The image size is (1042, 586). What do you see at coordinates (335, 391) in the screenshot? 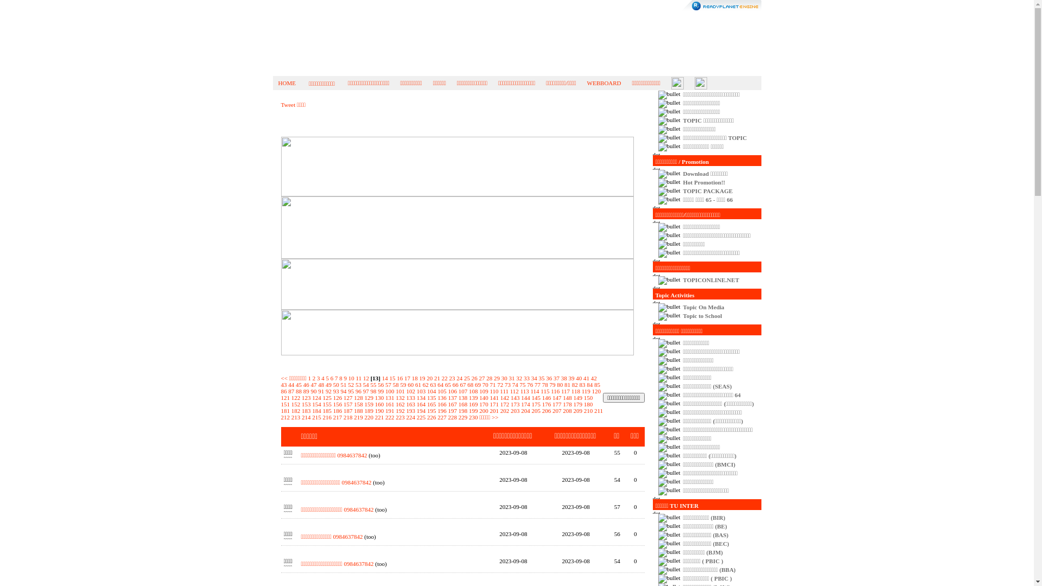
I see `'93'` at bounding box center [335, 391].